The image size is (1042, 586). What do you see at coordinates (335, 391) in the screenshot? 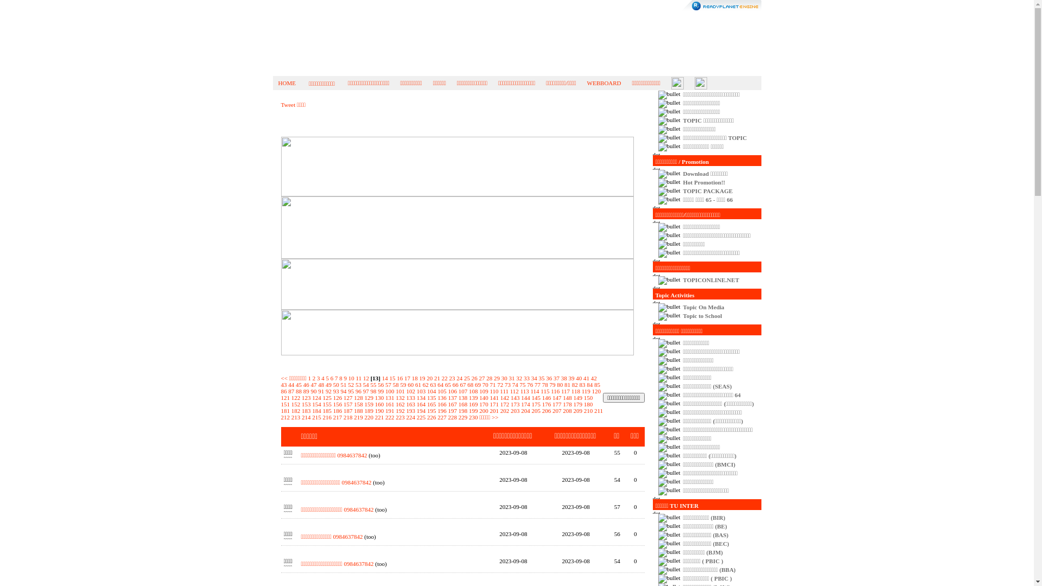
I see `'93'` at bounding box center [335, 391].